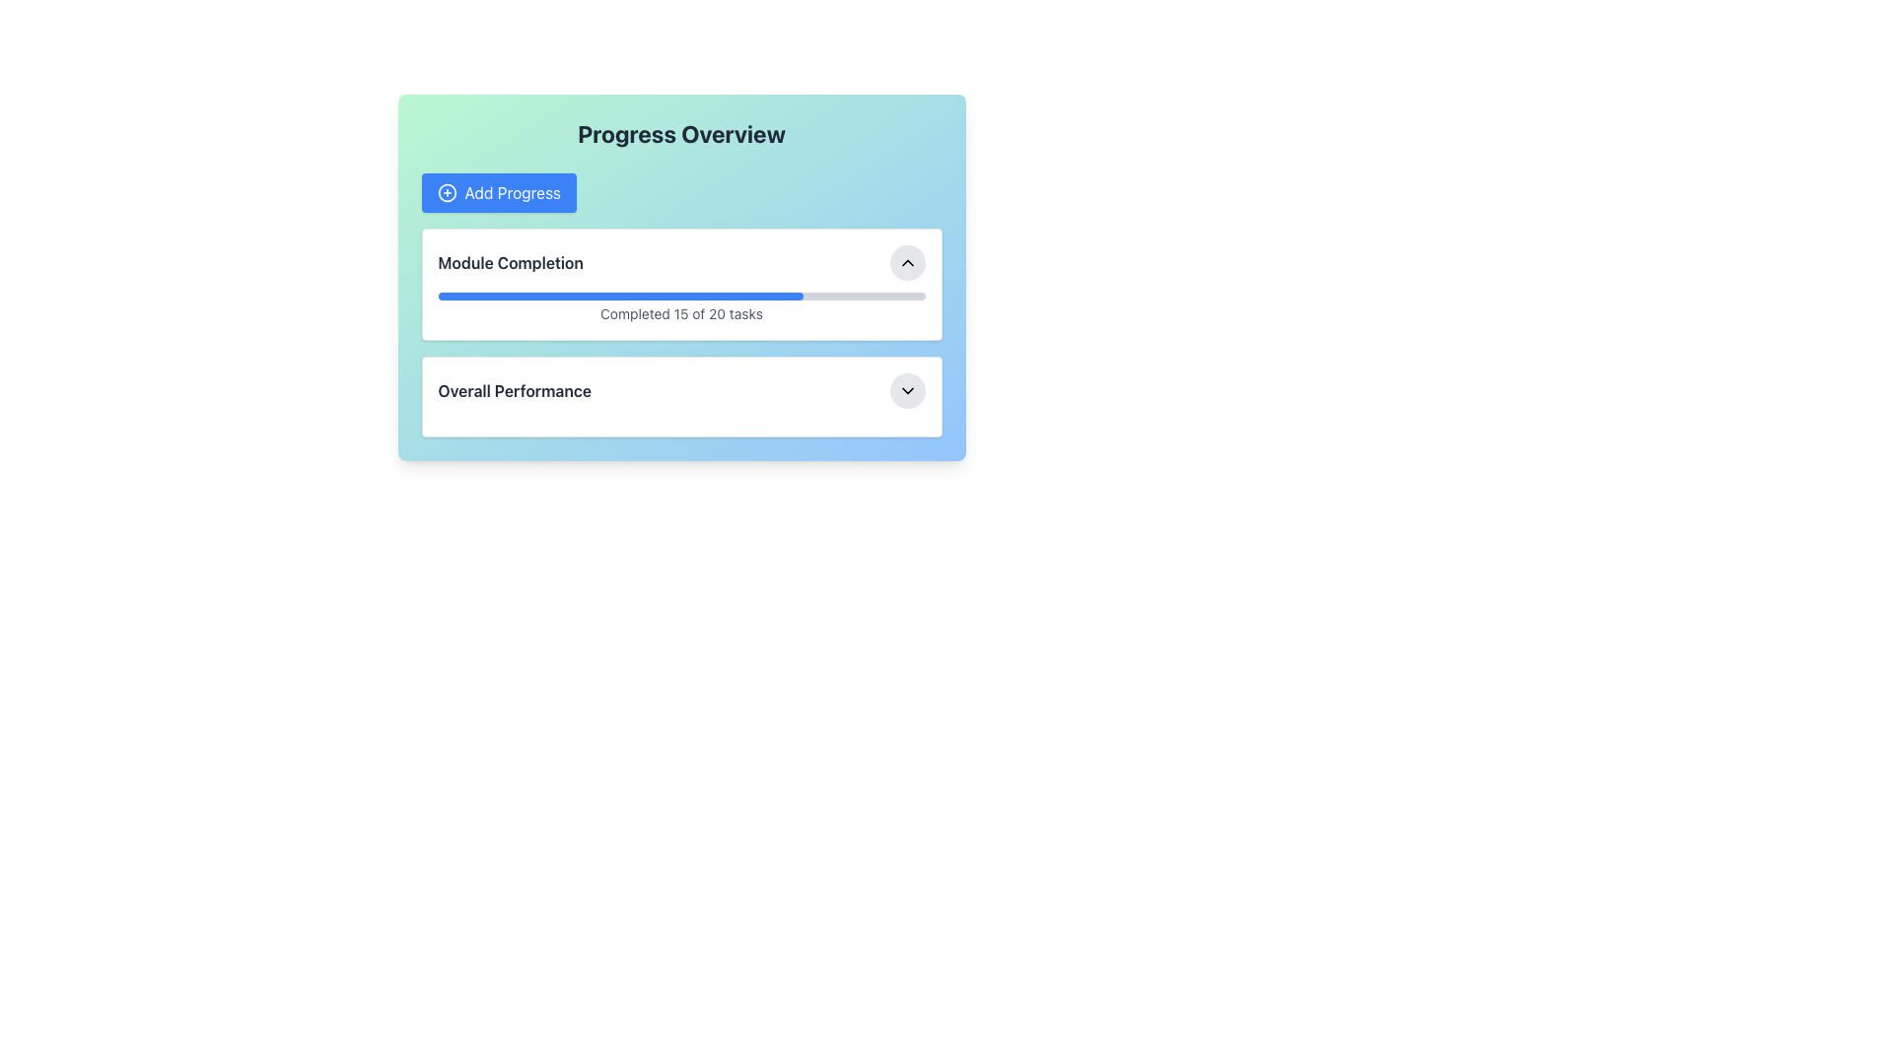  Describe the element at coordinates (681, 307) in the screenshot. I see `the Progress Indicator with Text that shows 'Completed 15 of 20 tasks' for possible interaction` at that location.